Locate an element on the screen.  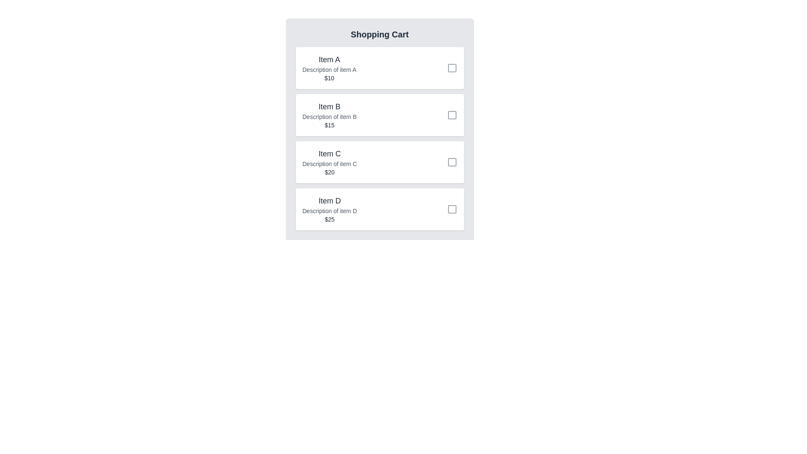
the interactive checkbox associated with 'Item D' located in the 'Shopping Cart' section, positioned is located at coordinates (451, 209).